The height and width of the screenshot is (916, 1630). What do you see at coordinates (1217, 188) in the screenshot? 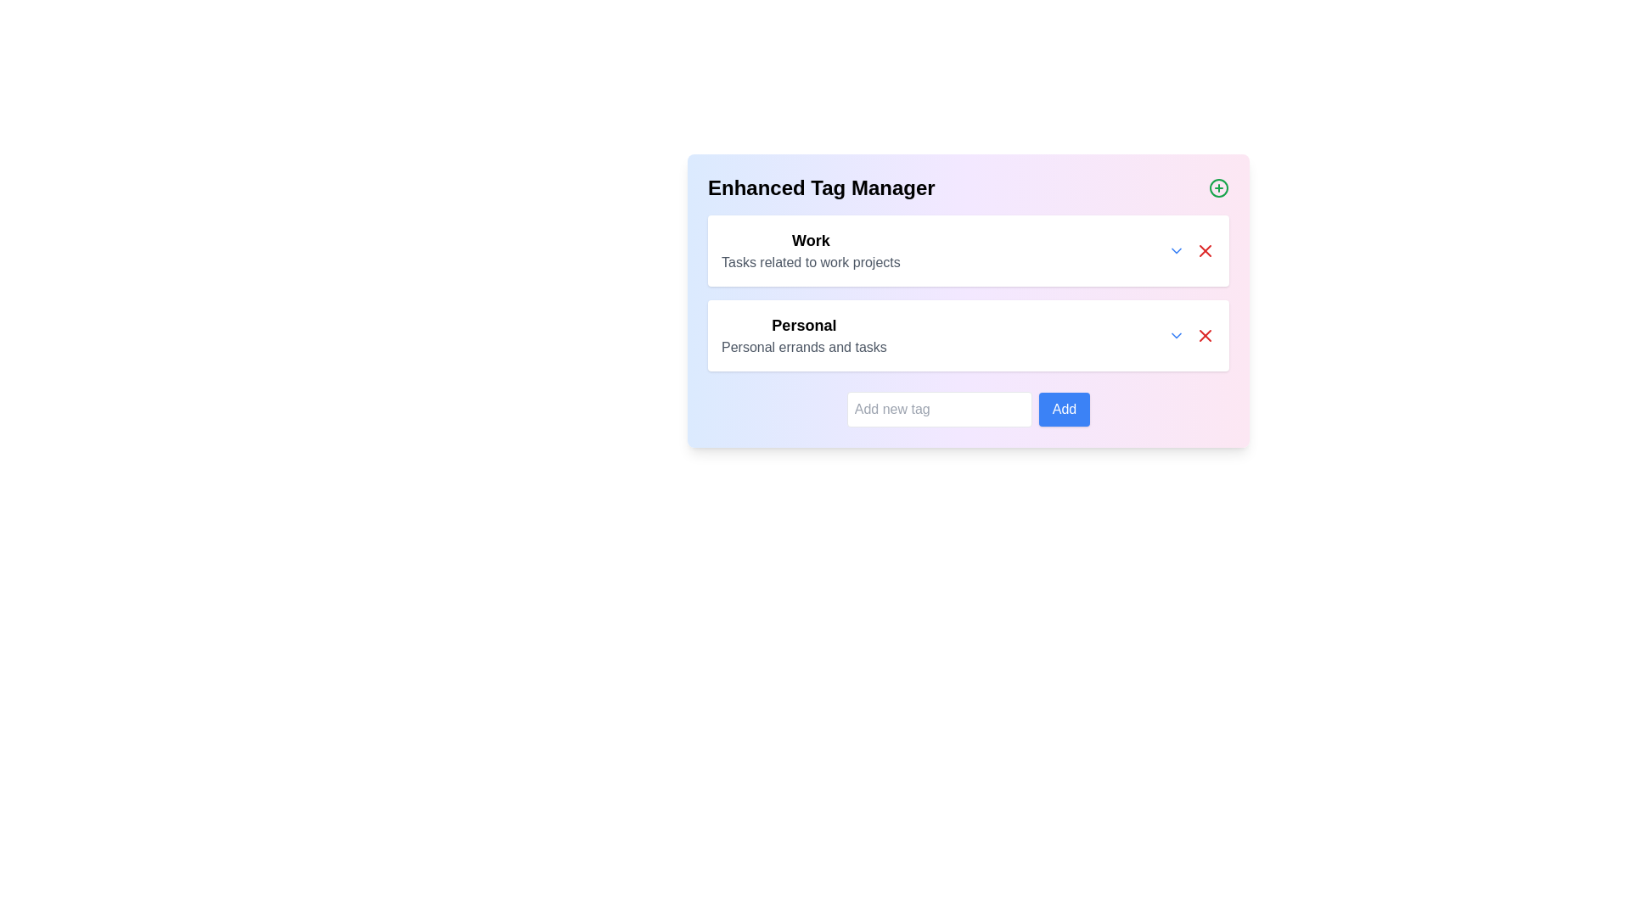
I see `the circular green outlined button with a plus symbol located at the top-right corner of the 'Enhanced Tag Manager' interface` at bounding box center [1217, 188].